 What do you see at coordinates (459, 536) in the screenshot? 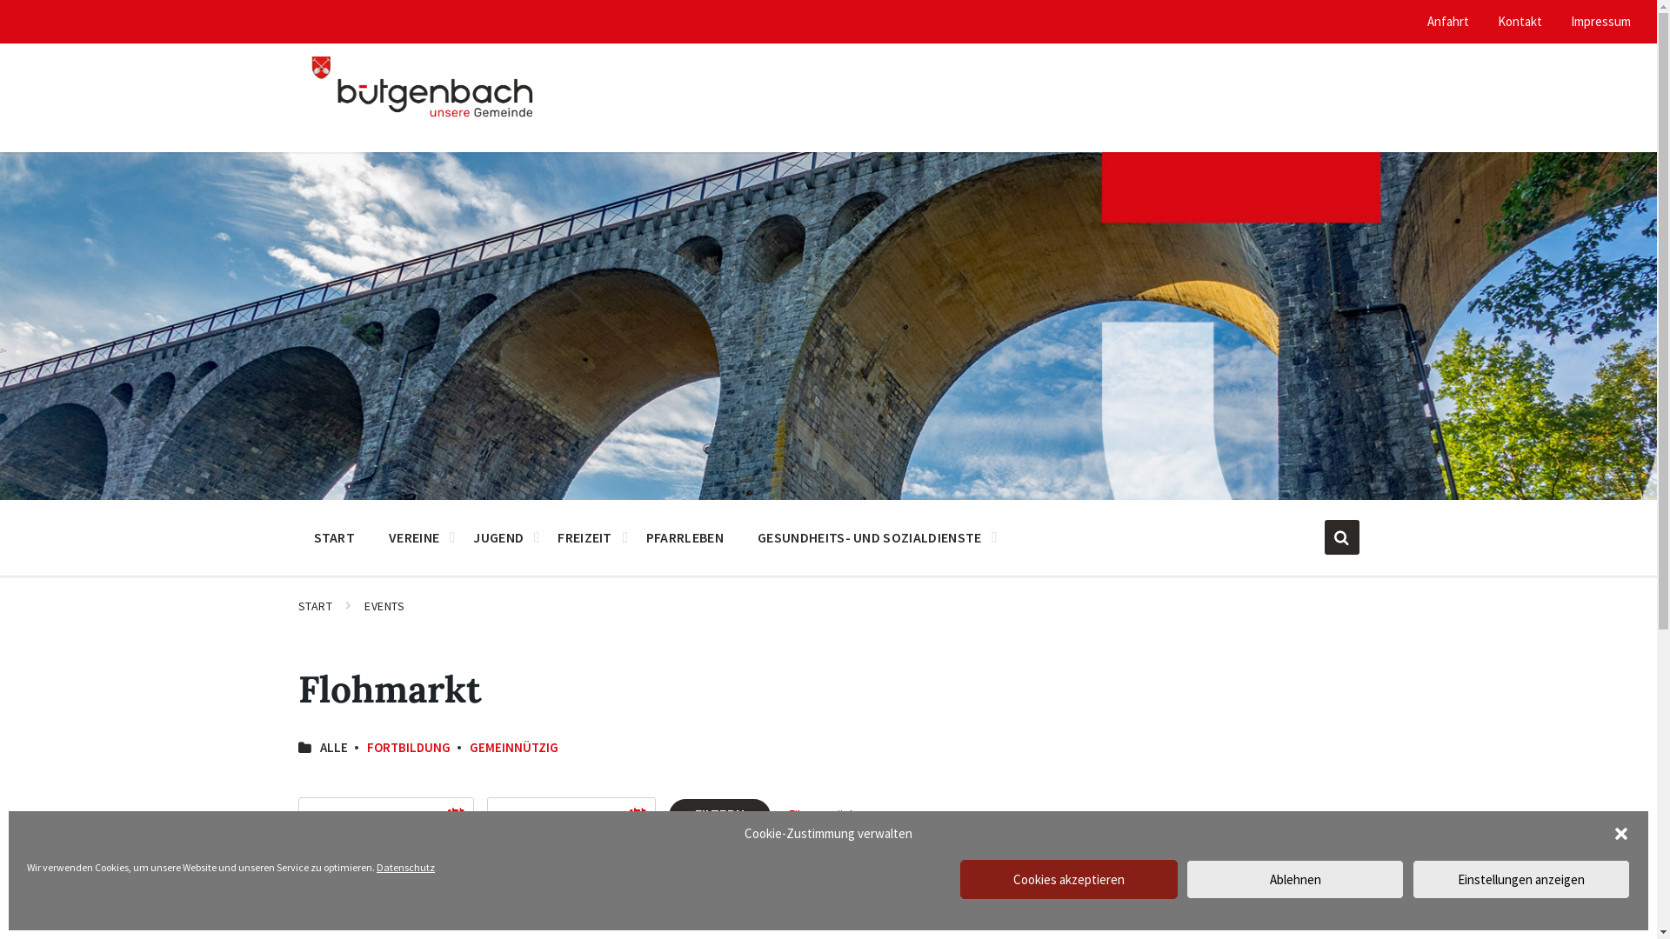
I see `'JUGEND'` at bounding box center [459, 536].